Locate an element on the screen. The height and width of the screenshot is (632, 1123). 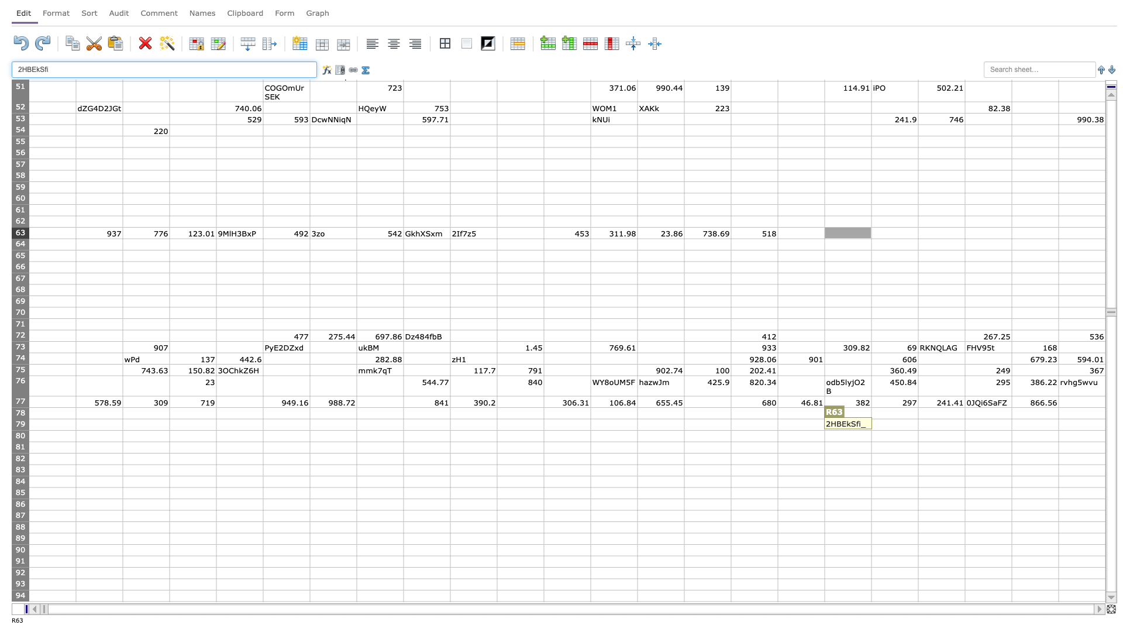
top left corner of cell S79 is located at coordinates (871, 418).